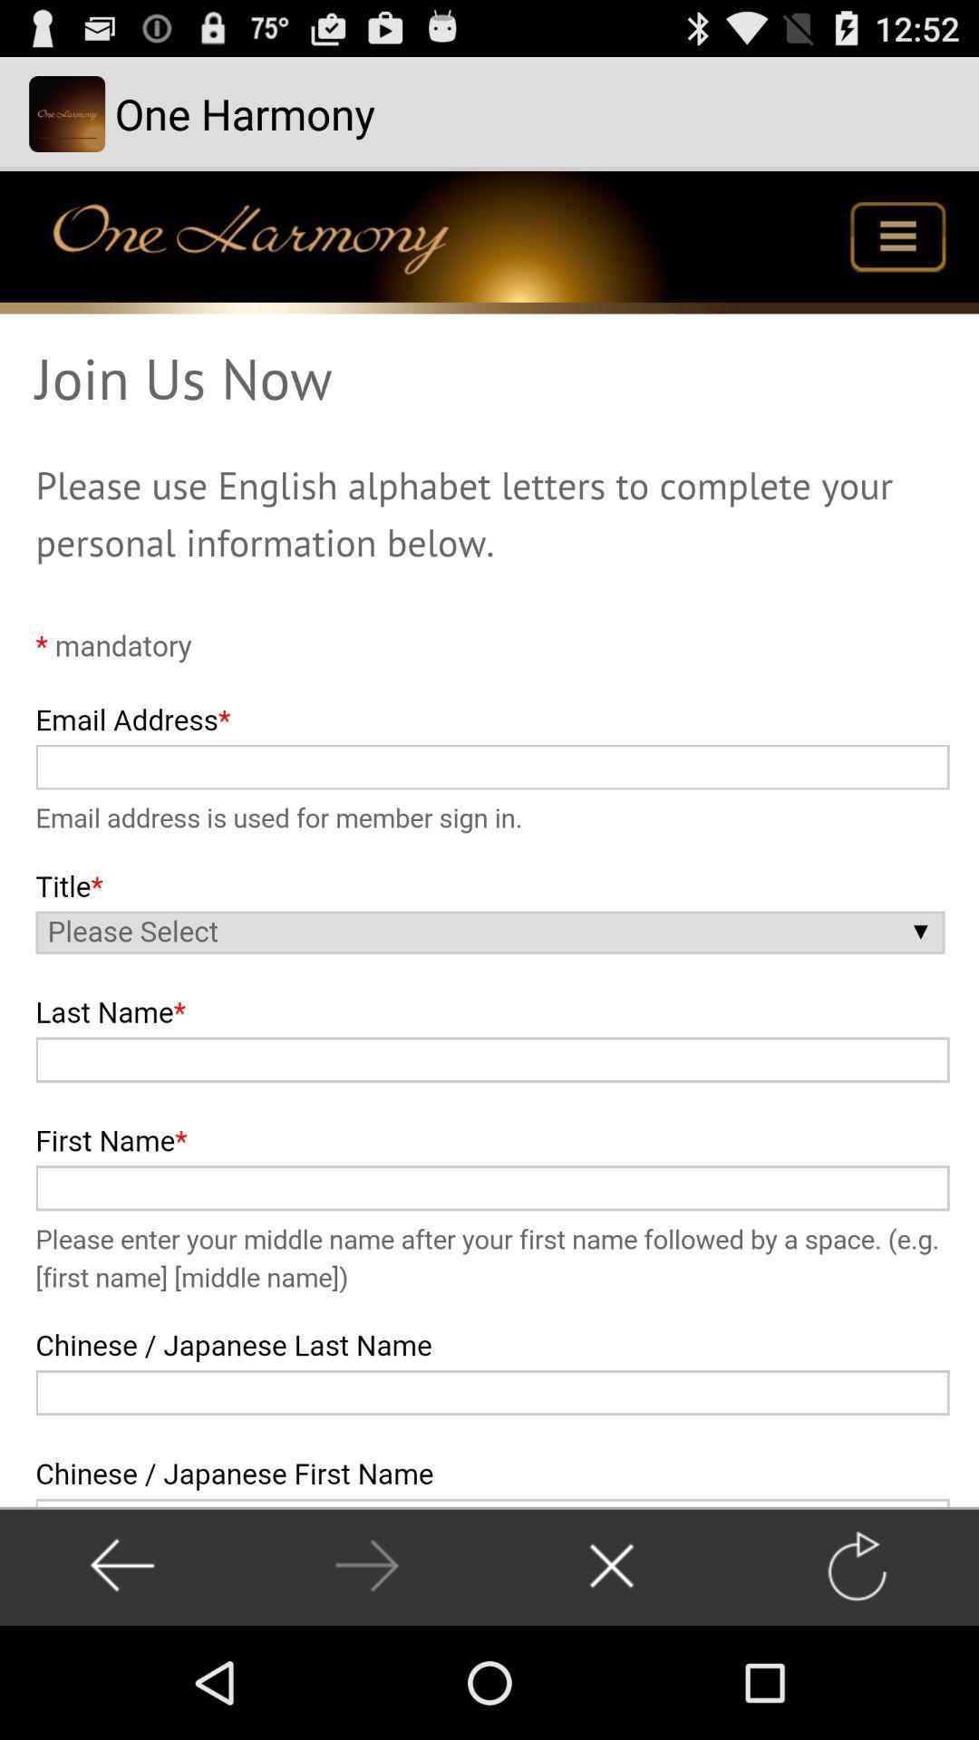 This screenshot has height=1740, width=979. I want to click on the arrow_forward icon, so click(367, 1675).